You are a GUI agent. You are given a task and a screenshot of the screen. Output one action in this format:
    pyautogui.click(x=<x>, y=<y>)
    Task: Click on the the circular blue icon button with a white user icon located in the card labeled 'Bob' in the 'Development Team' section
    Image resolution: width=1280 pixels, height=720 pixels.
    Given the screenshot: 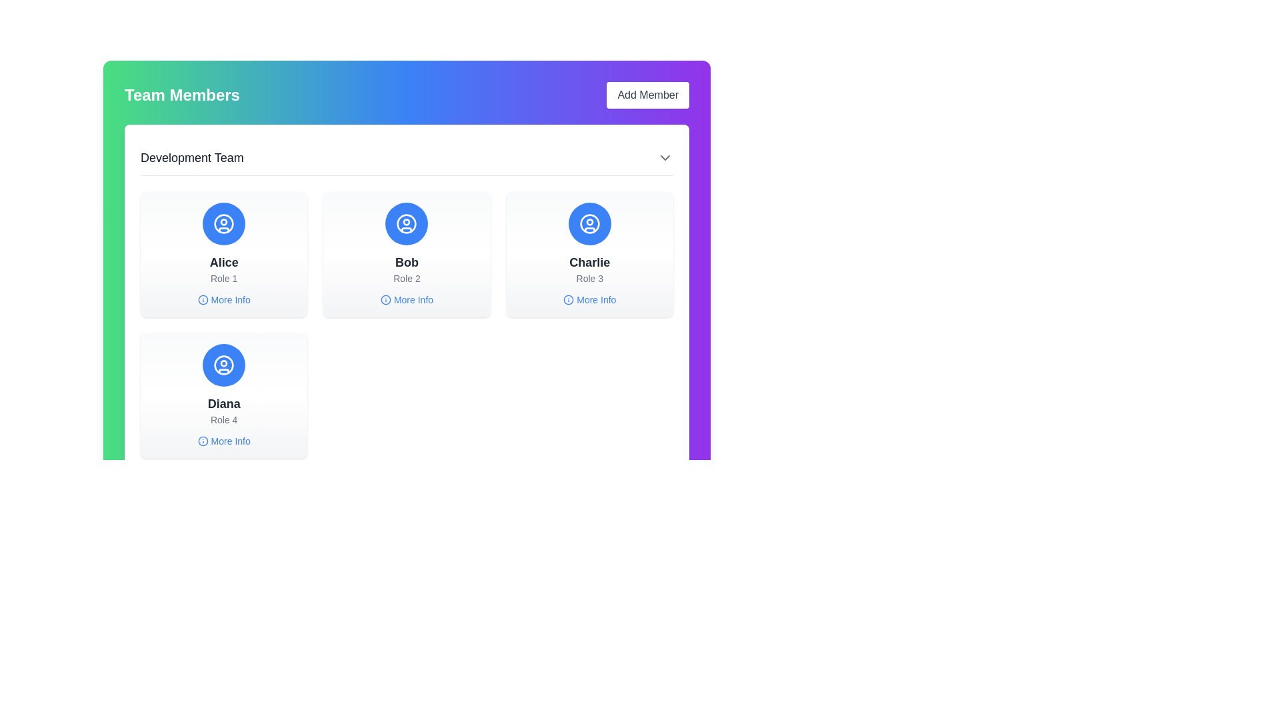 What is the action you would take?
    pyautogui.click(x=406, y=223)
    